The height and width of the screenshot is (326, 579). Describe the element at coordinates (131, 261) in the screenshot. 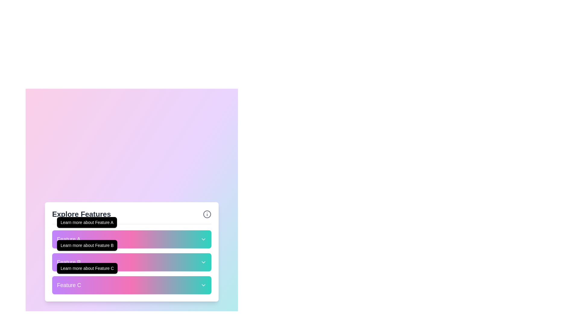

I see `the 'Feature B' card, which is the second item in a vertical stack of interactive sections` at that location.